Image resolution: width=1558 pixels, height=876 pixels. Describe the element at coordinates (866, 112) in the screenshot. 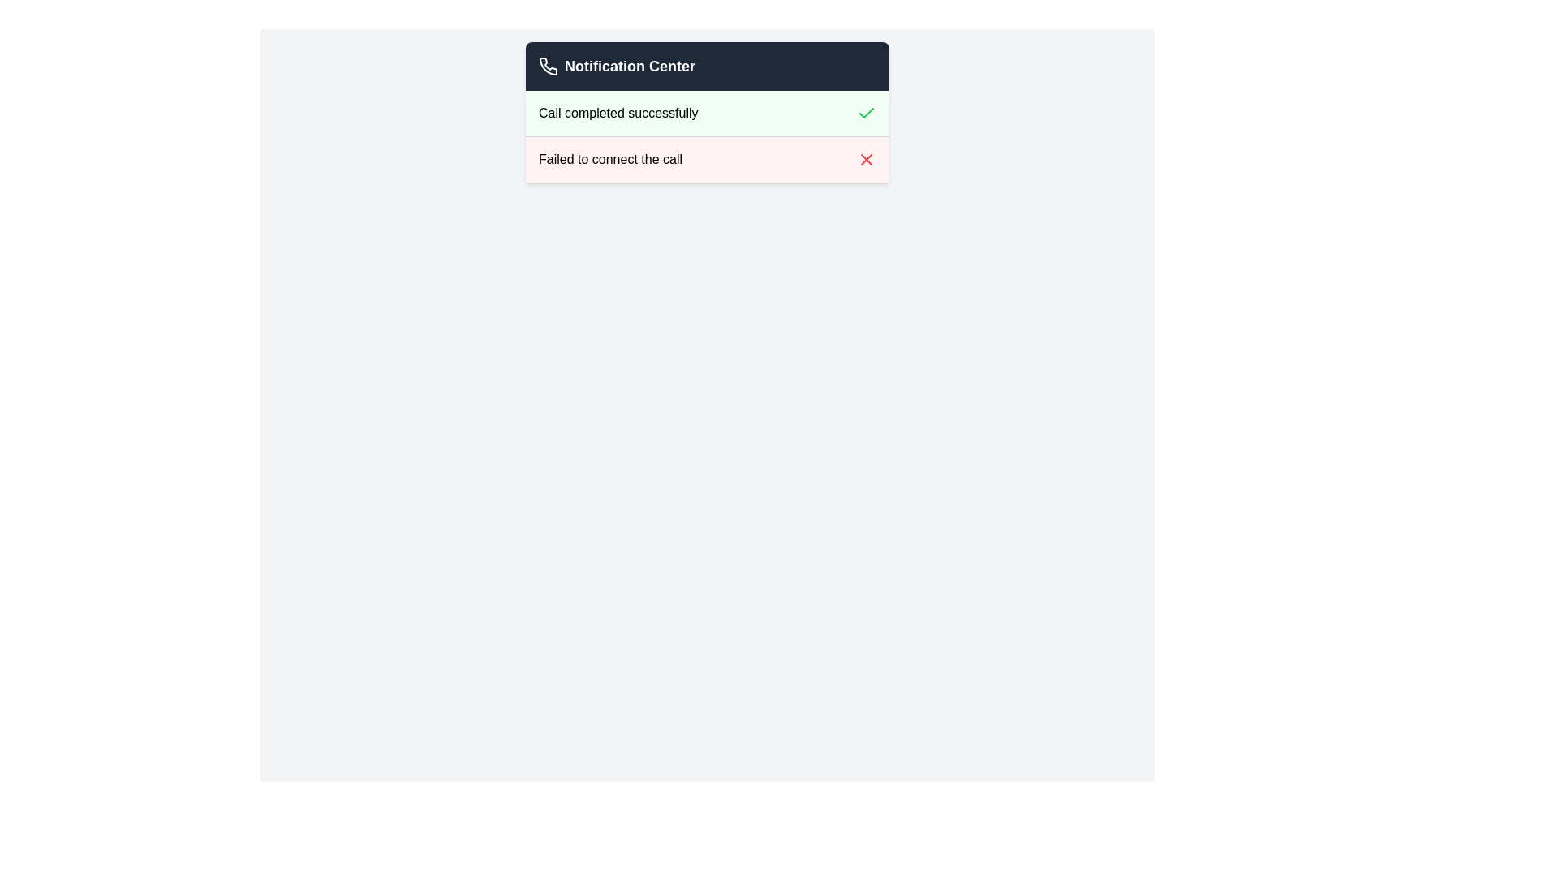

I see `the green checkmark icon located to the right of the 'Call completed successfully' notification, which is centered vertically in the notification row` at that location.